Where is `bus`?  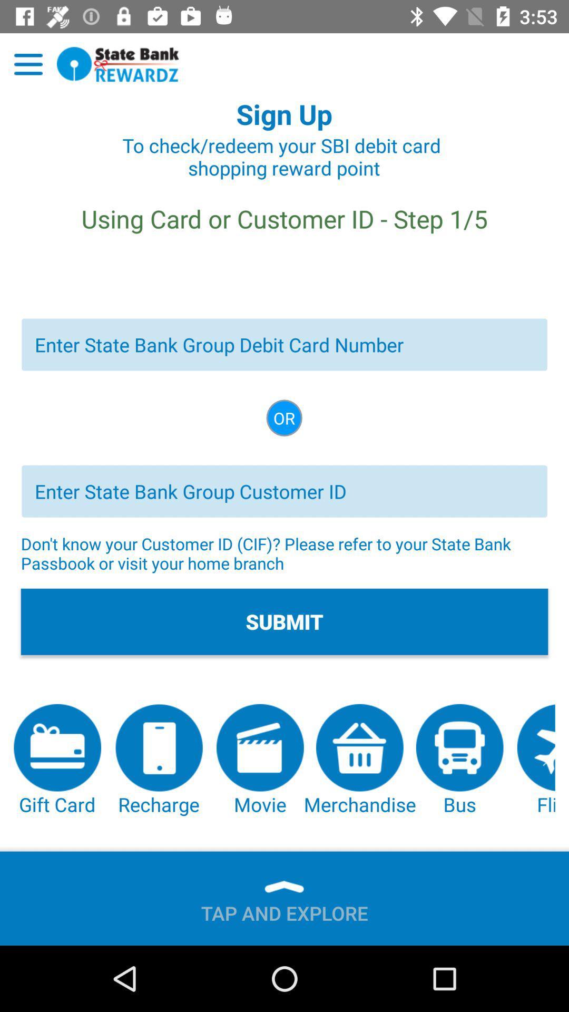 bus is located at coordinates (459, 761).